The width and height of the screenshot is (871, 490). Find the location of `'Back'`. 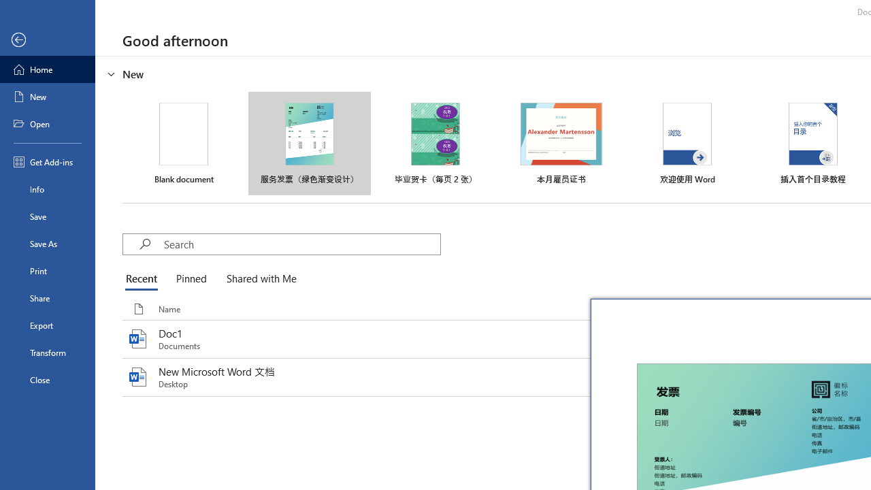

'Back' is located at coordinates (47, 39).